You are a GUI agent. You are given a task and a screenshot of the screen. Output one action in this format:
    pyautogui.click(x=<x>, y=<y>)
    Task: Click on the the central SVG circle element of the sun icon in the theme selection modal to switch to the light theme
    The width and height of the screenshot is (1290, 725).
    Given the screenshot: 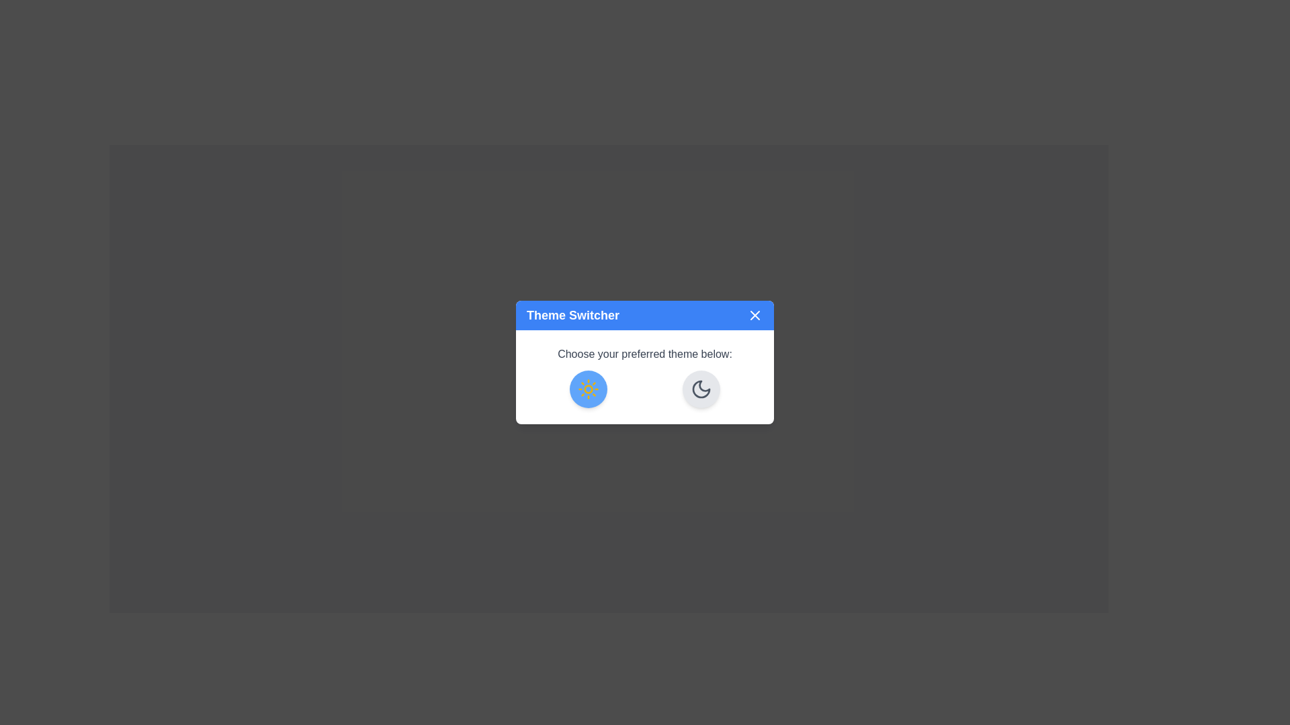 What is the action you would take?
    pyautogui.click(x=588, y=389)
    